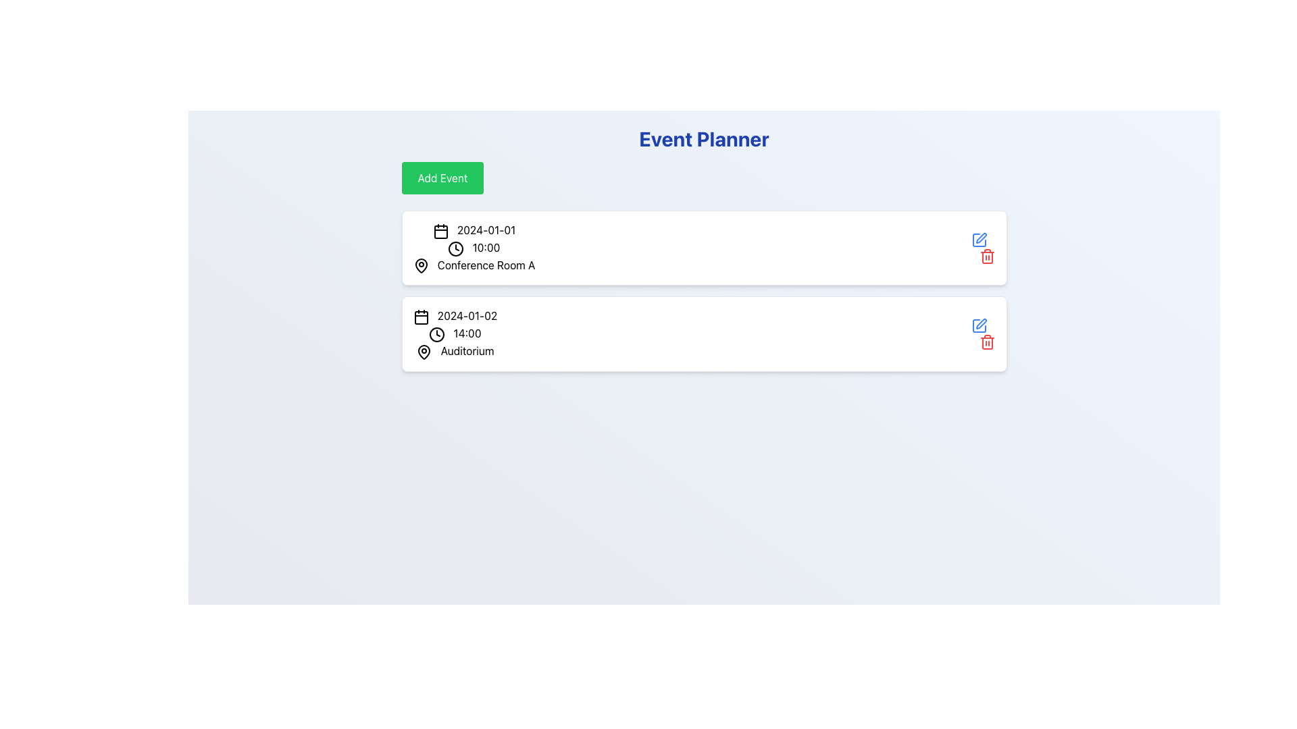  What do you see at coordinates (983, 248) in the screenshot?
I see `the edit button located in the white information card for the event scheduled on '2024-01-01 10:00 Conference Room A' to initiate the editing interface` at bounding box center [983, 248].